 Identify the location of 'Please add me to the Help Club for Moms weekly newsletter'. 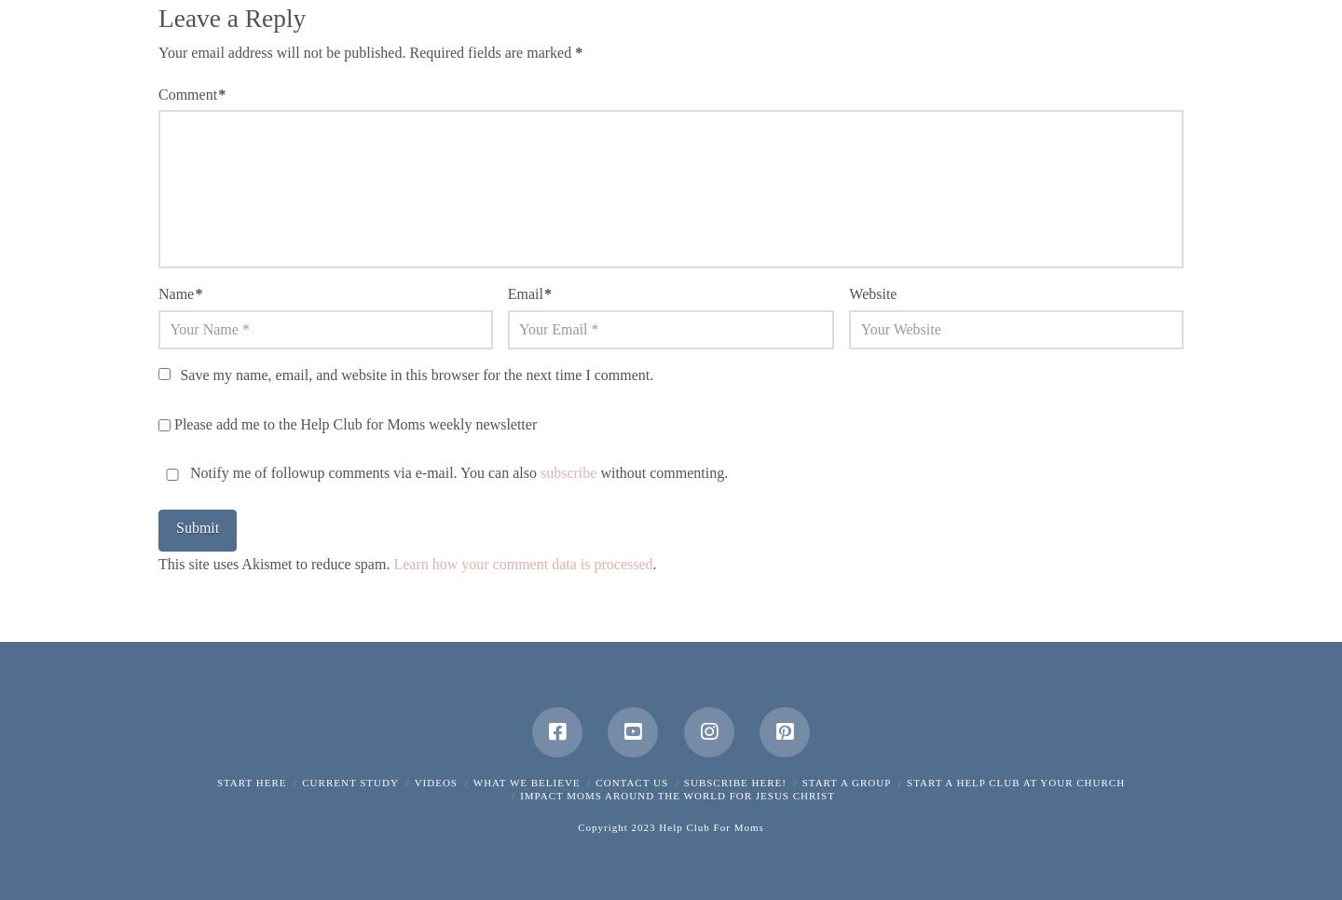
(352, 423).